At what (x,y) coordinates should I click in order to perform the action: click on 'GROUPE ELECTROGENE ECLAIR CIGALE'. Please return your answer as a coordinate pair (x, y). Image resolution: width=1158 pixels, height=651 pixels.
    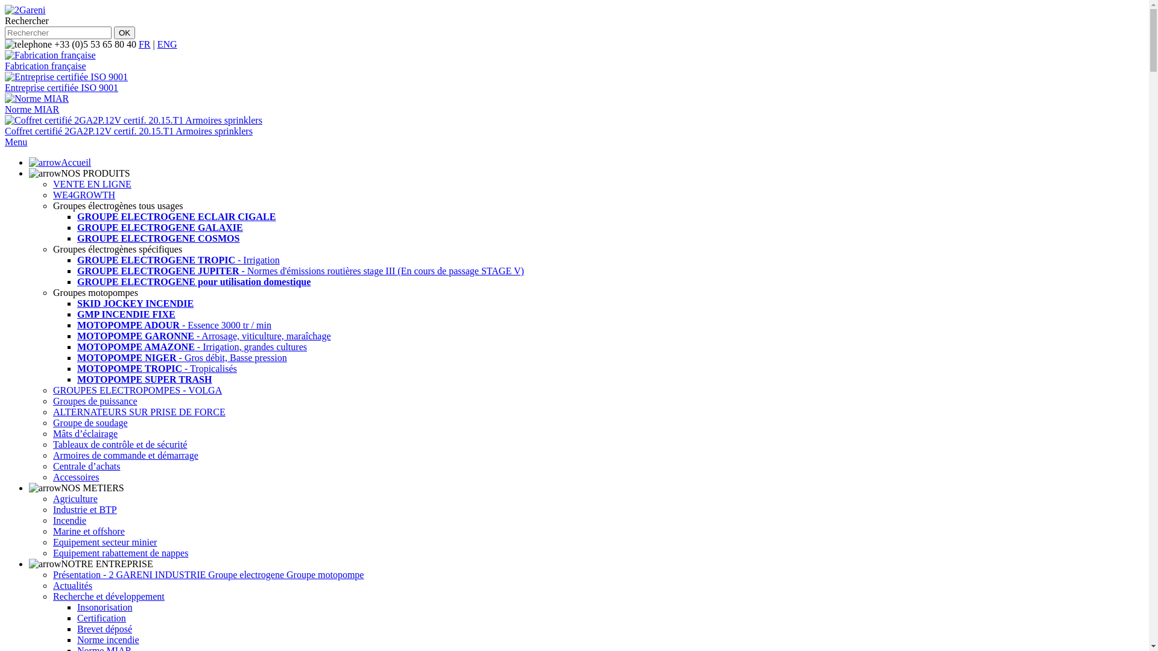
    Looking at the image, I should click on (176, 216).